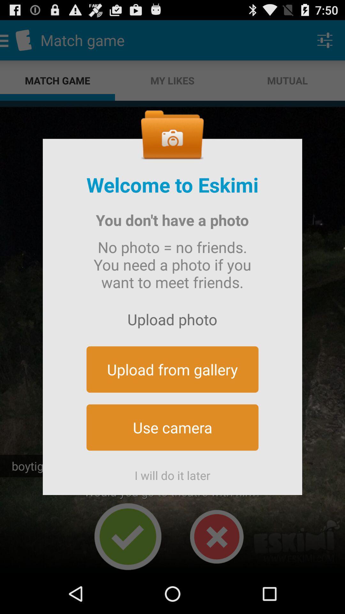 The width and height of the screenshot is (345, 614). Describe the element at coordinates (172, 427) in the screenshot. I see `the app above the i will do item` at that location.